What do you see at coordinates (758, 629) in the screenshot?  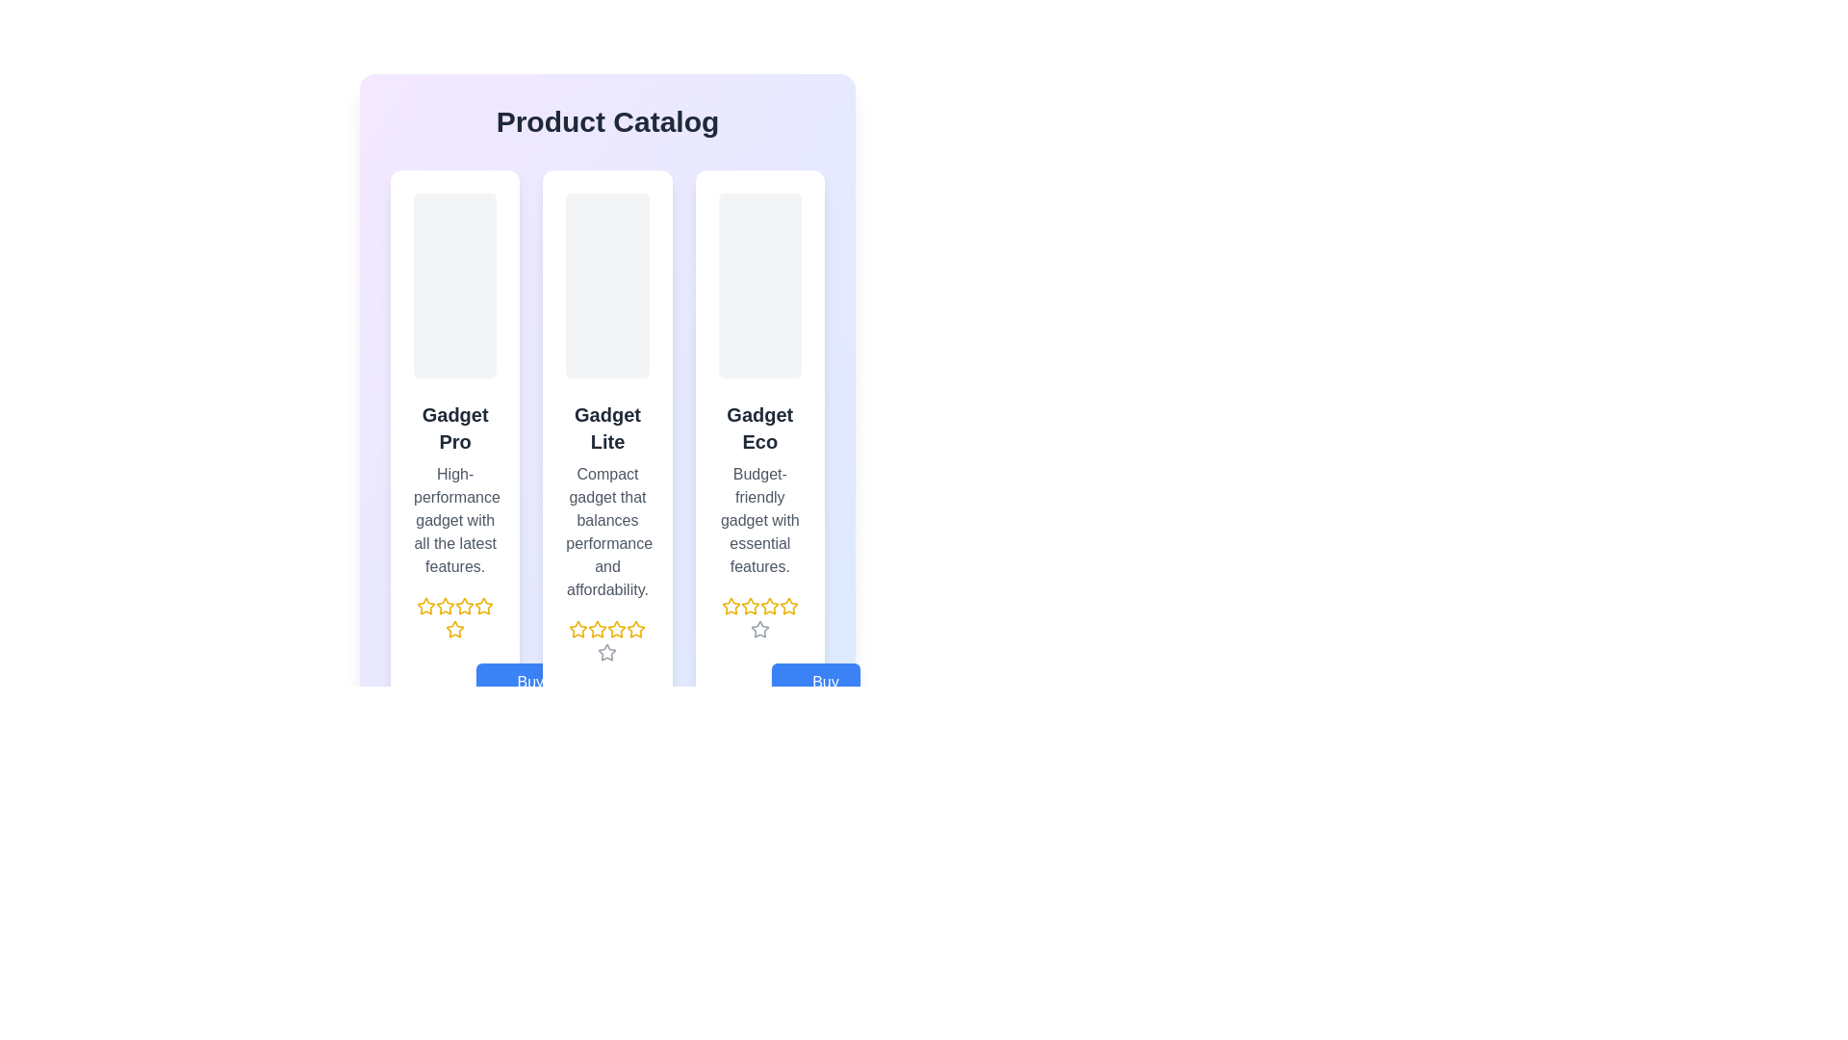 I see `the unselected star icon in the third product column under 'Gadget Eco'` at bounding box center [758, 629].